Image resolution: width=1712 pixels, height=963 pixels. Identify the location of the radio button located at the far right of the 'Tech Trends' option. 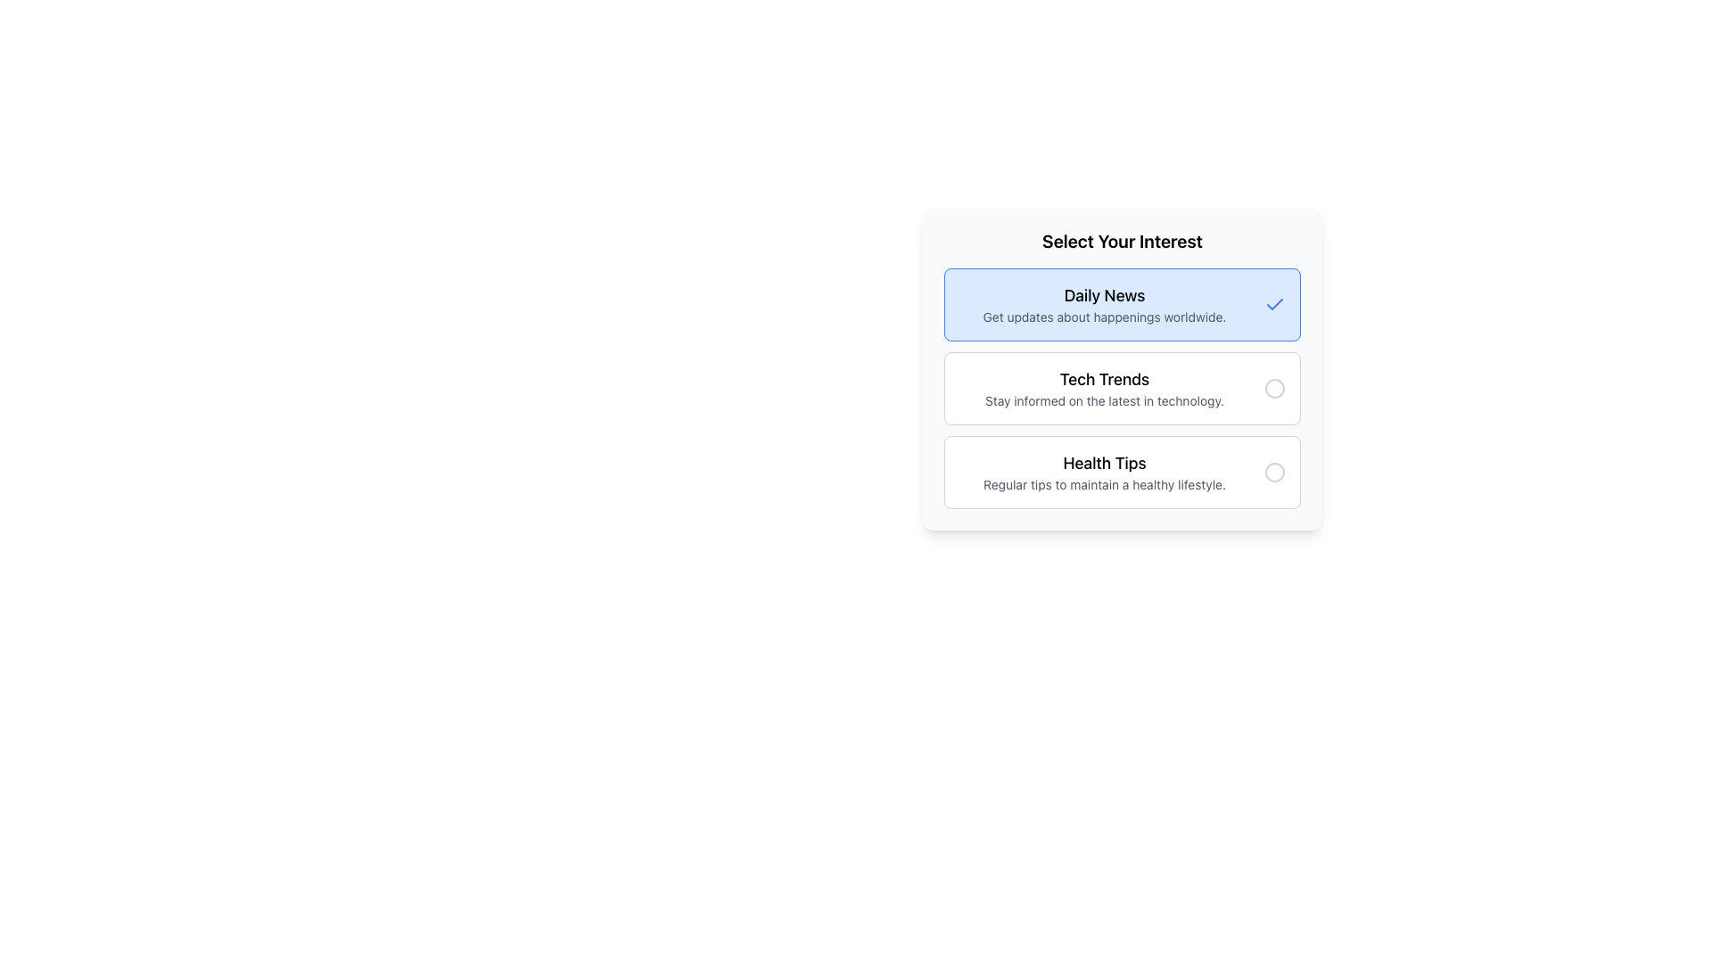
(1274, 387).